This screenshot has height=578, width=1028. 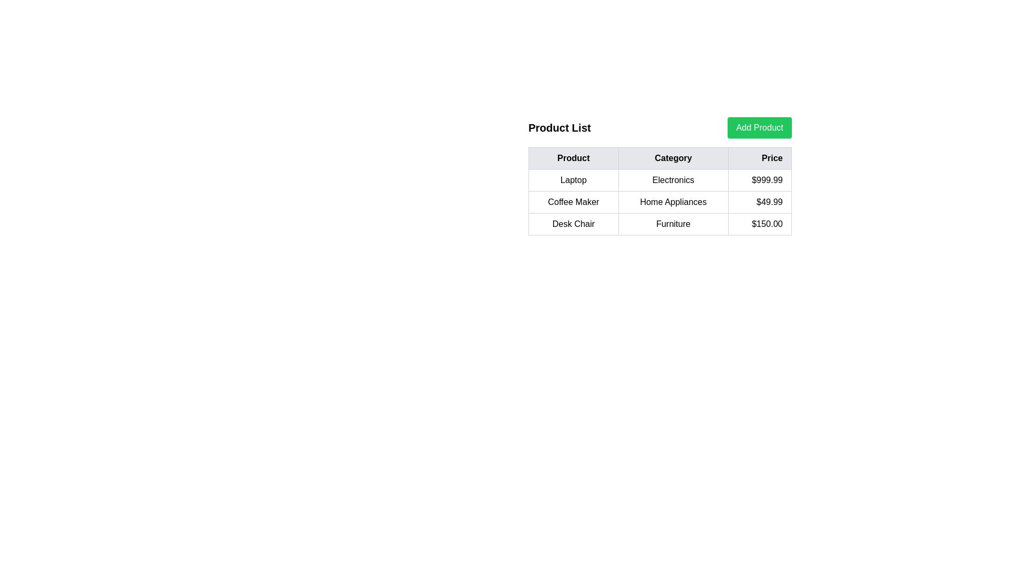 What do you see at coordinates (660, 191) in the screenshot?
I see `the Data Table element displaying the list of products to make it active` at bounding box center [660, 191].